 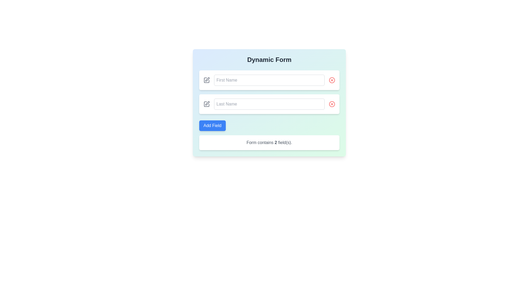 I want to click on the decorative SVG Graphic Icon indicating the adjacent 'First Name' input field is editable, so click(x=207, y=79).